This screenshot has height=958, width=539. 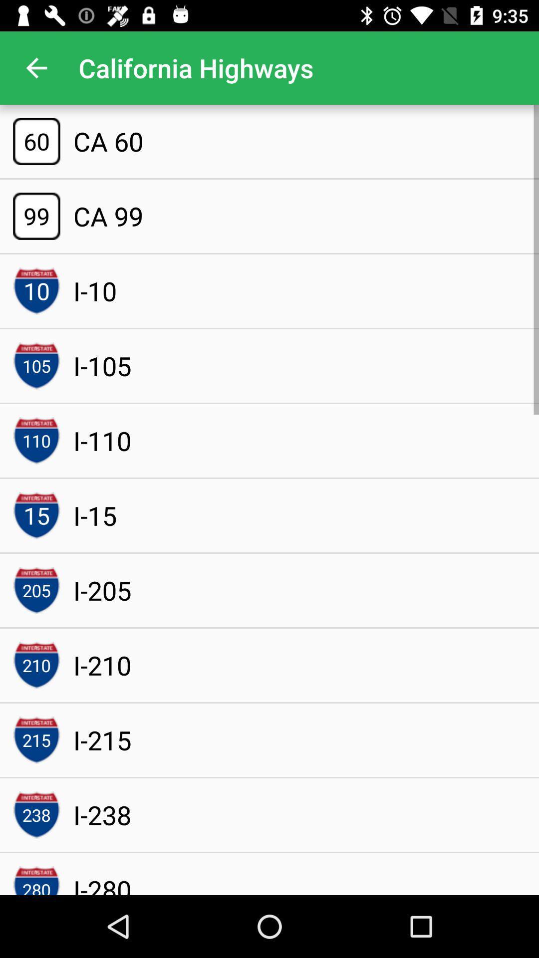 I want to click on icon below i-10 item, so click(x=102, y=365).